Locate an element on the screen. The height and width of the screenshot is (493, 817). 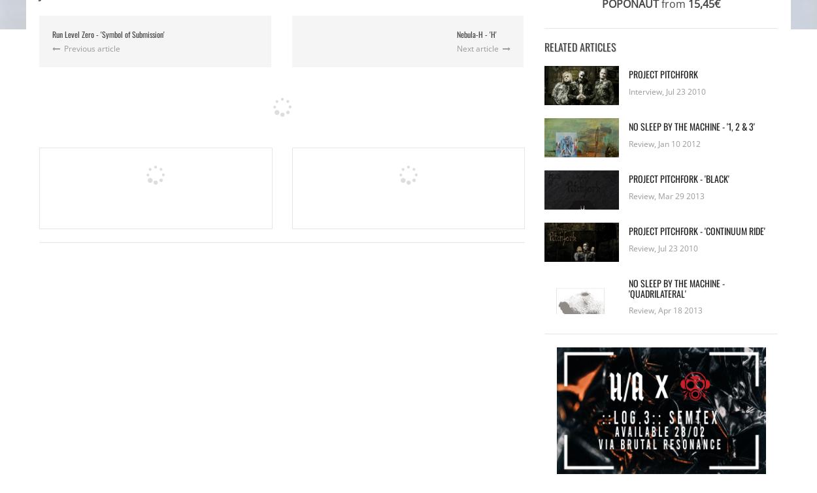
'Project Pitchfork - 'Black'' is located at coordinates (679, 178).